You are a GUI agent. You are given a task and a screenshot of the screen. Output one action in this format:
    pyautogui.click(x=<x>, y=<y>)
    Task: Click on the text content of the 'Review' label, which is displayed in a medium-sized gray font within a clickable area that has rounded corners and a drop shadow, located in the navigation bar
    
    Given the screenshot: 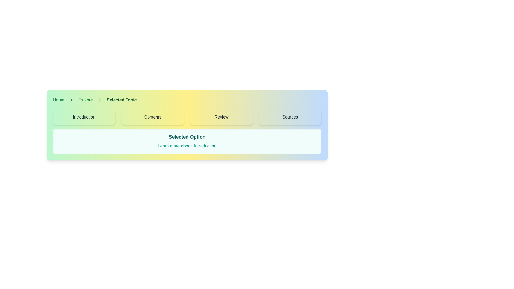 What is the action you would take?
    pyautogui.click(x=221, y=117)
    